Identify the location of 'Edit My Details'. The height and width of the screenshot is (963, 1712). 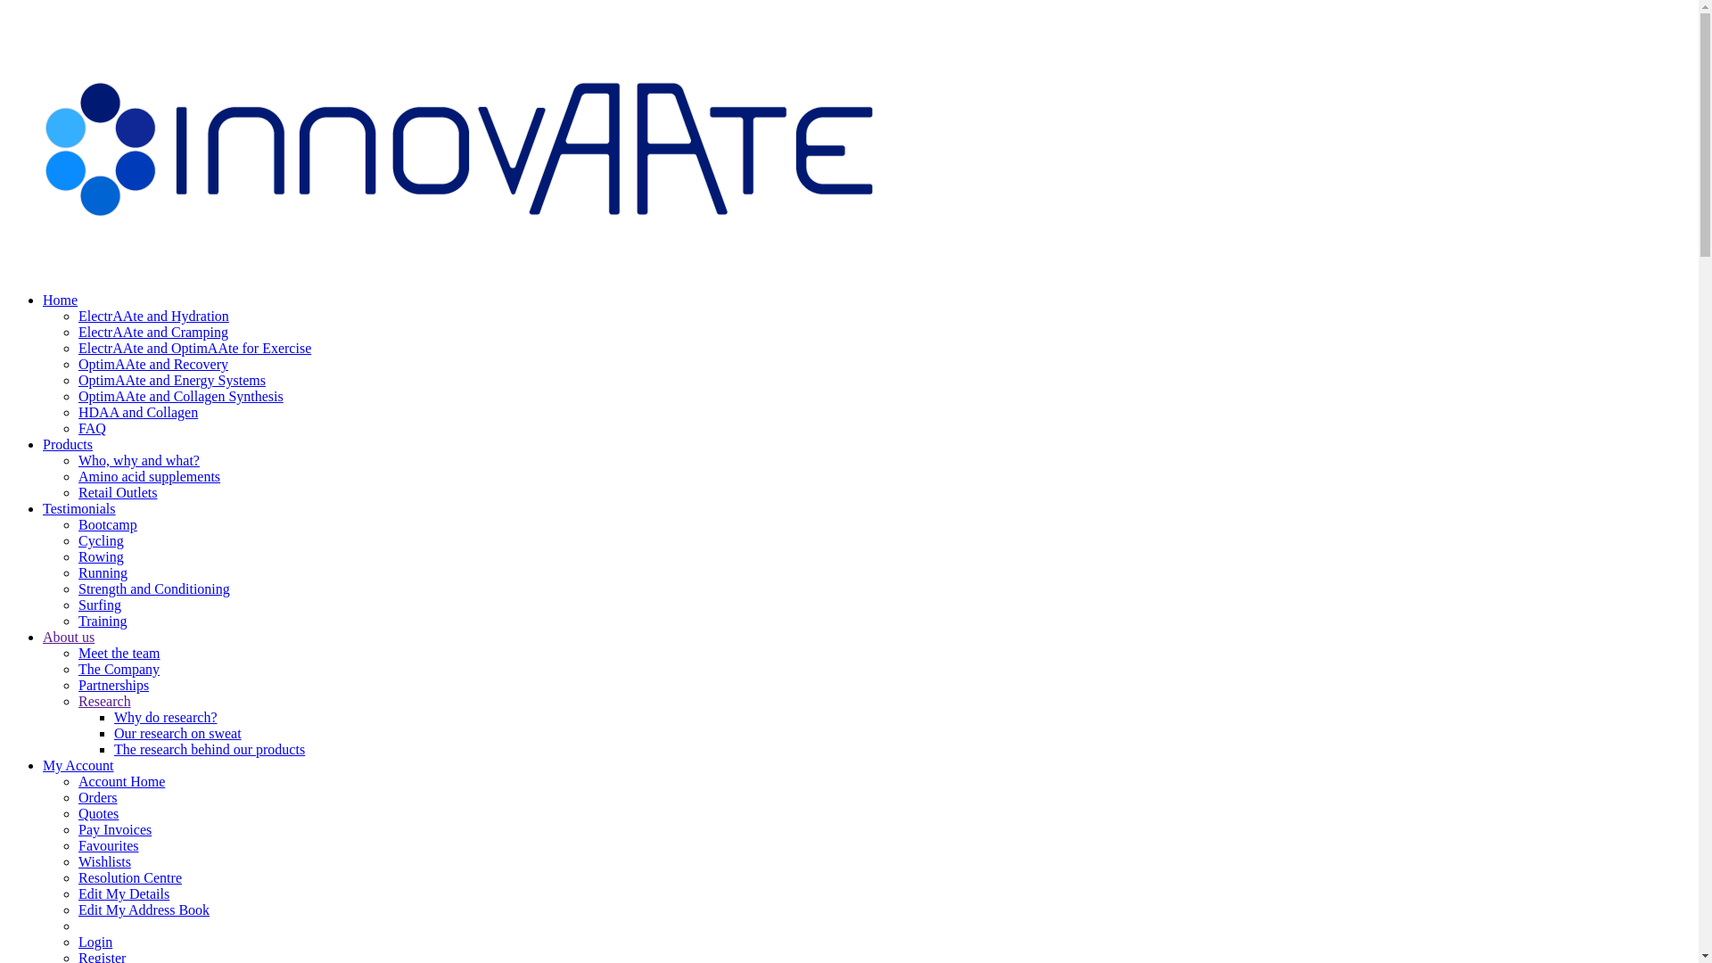
(123, 893).